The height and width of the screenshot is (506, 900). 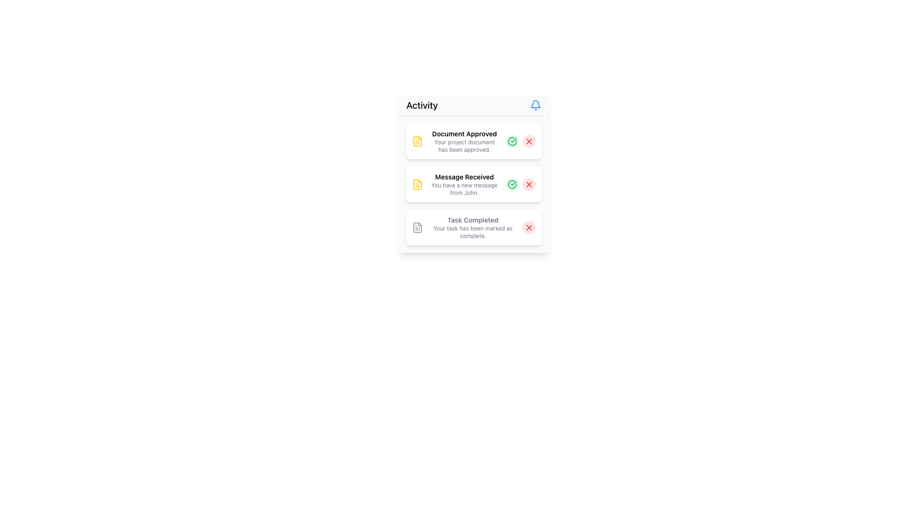 What do you see at coordinates (464, 184) in the screenshot?
I see `the text label that displays 'Message Received' in the notifications list within the 'Activity' card` at bounding box center [464, 184].